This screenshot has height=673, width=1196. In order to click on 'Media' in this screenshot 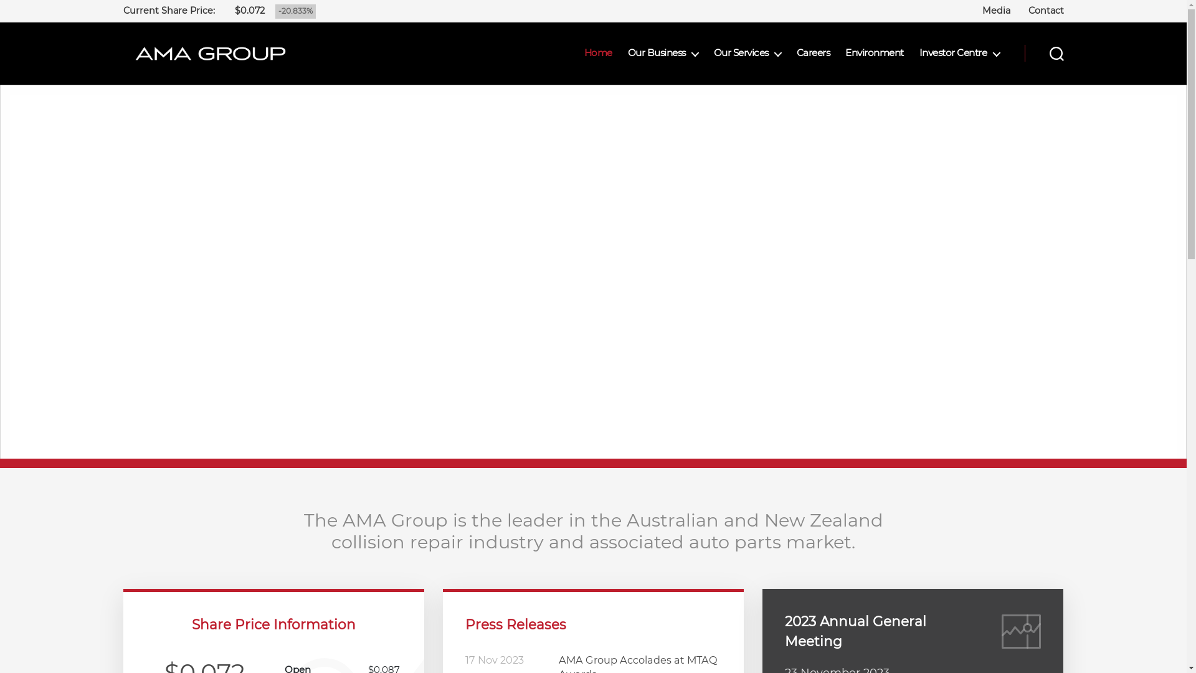, I will do `click(995, 10)`.